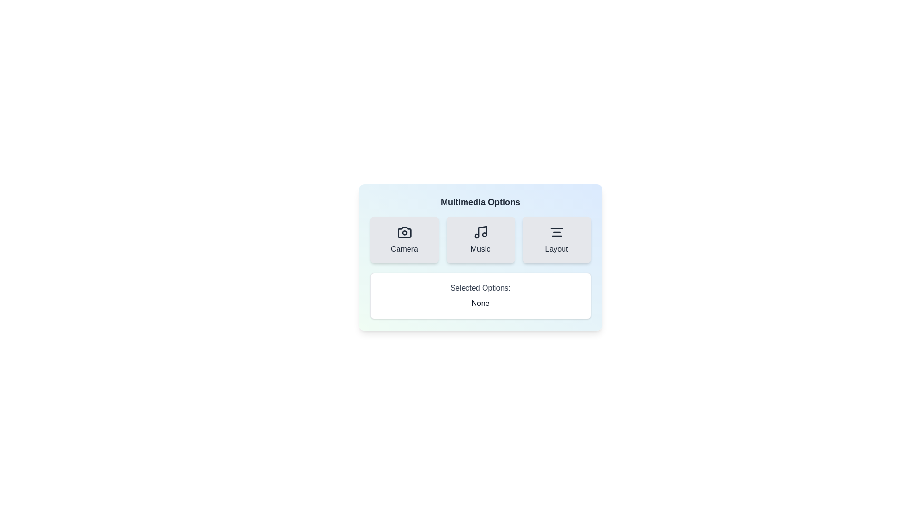 The height and width of the screenshot is (513, 913). I want to click on the Layout button to observe visual feedback, so click(556, 239).